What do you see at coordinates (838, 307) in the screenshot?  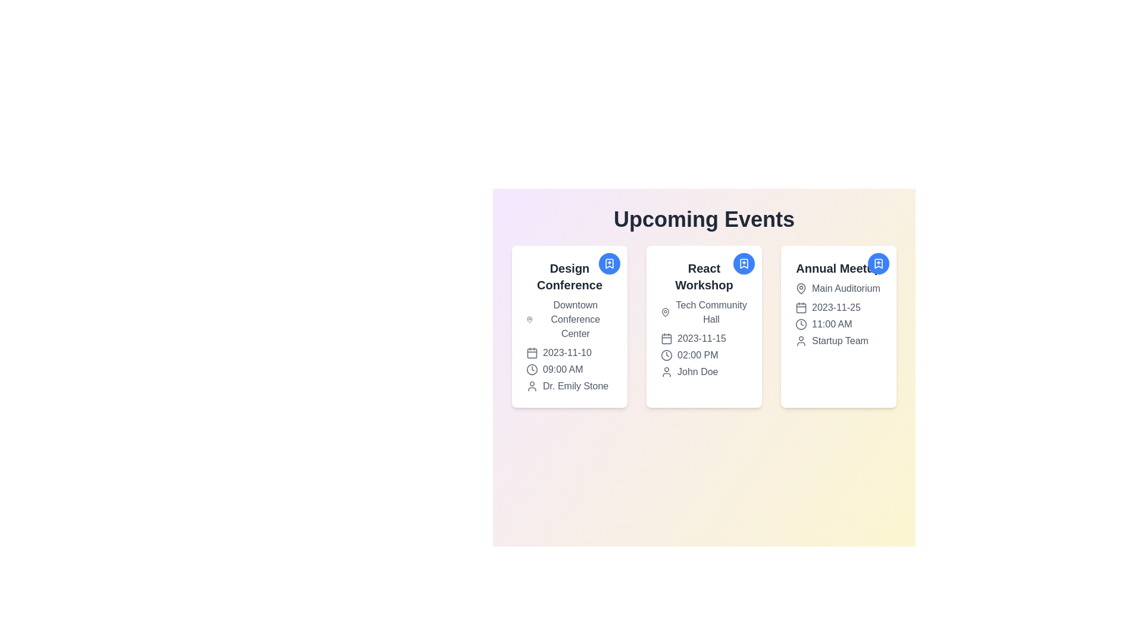 I see `the static text element displaying the date '2023-11-25' next to the calendar icon in the 'Annual Meetup' event card` at bounding box center [838, 307].